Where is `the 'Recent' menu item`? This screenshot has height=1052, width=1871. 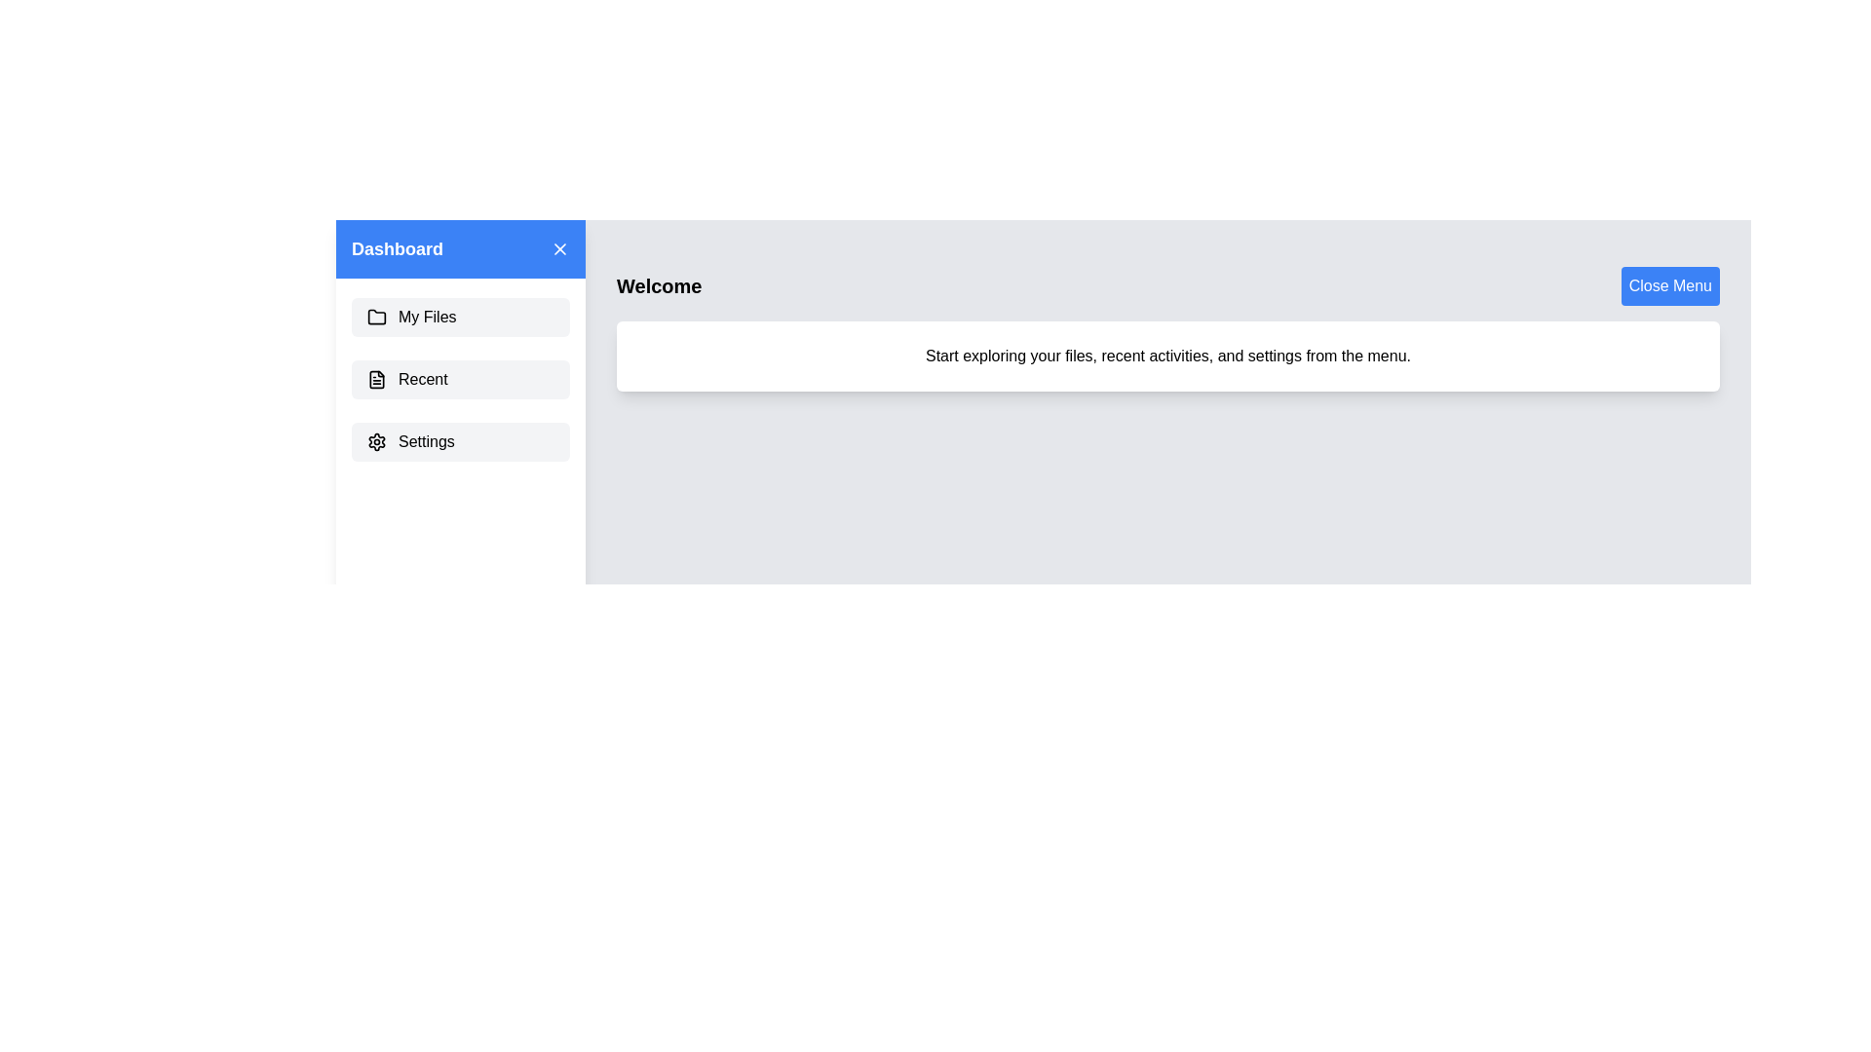 the 'Recent' menu item is located at coordinates (460, 379).